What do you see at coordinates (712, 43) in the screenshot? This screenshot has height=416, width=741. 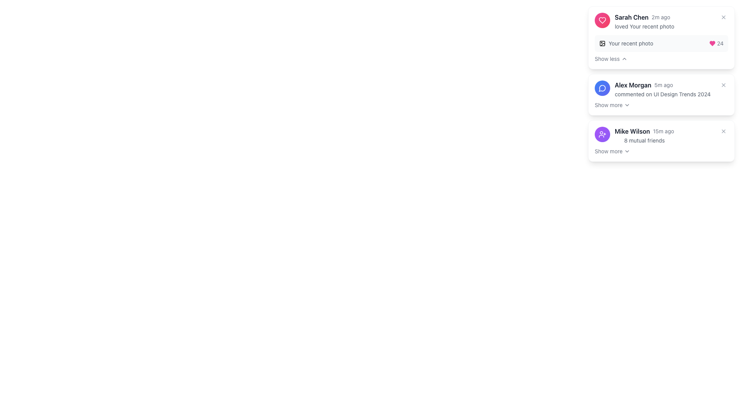 I see `the 'like' or 'love' icon located in the top-left corner of the notification card for 'Sarah Chen'` at bounding box center [712, 43].